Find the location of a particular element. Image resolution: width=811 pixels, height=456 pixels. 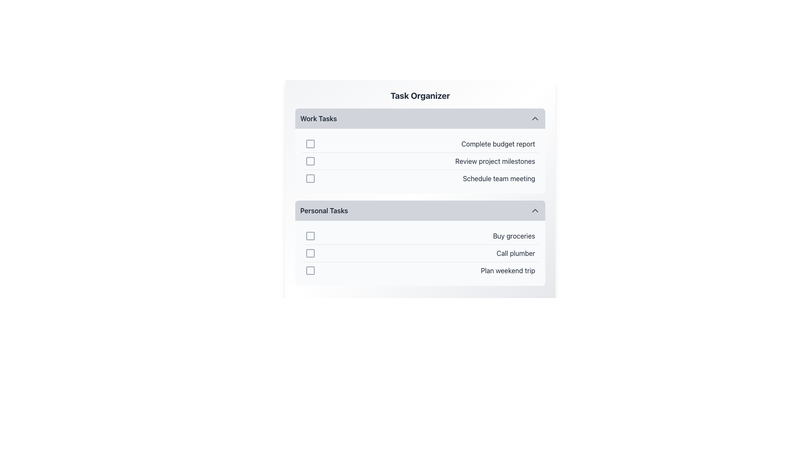

the Chevron icon in the header of the 'Personal Tasks' section is located at coordinates (535, 210).